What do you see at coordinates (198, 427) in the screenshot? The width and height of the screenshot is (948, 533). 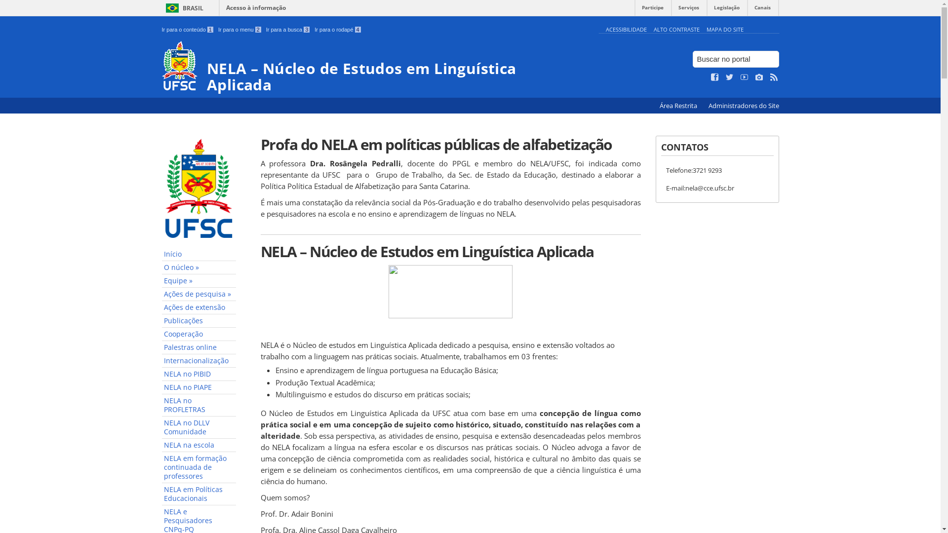 I see `'NELA no DLLV Comunidade'` at bounding box center [198, 427].